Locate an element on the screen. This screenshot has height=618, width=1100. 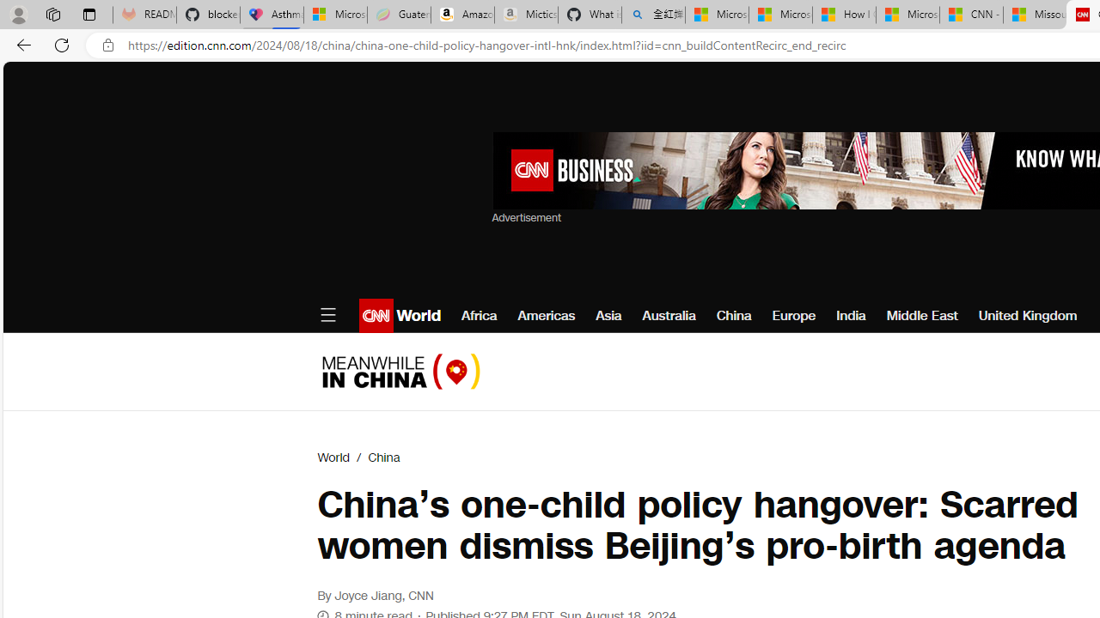
'Americas' is located at coordinates (545, 315).